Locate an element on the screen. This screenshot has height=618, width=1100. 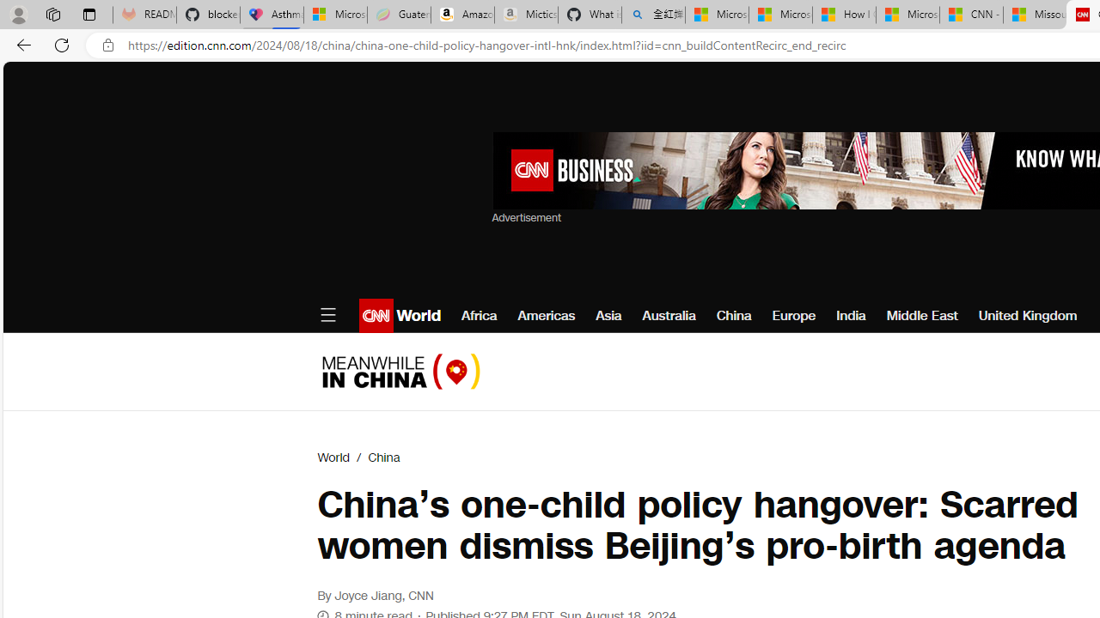
'Americas' is located at coordinates (545, 315).